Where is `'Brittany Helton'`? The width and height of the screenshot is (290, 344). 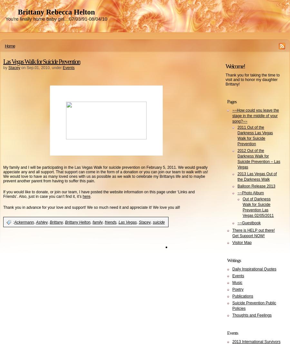 'Brittany Helton' is located at coordinates (77, 221).